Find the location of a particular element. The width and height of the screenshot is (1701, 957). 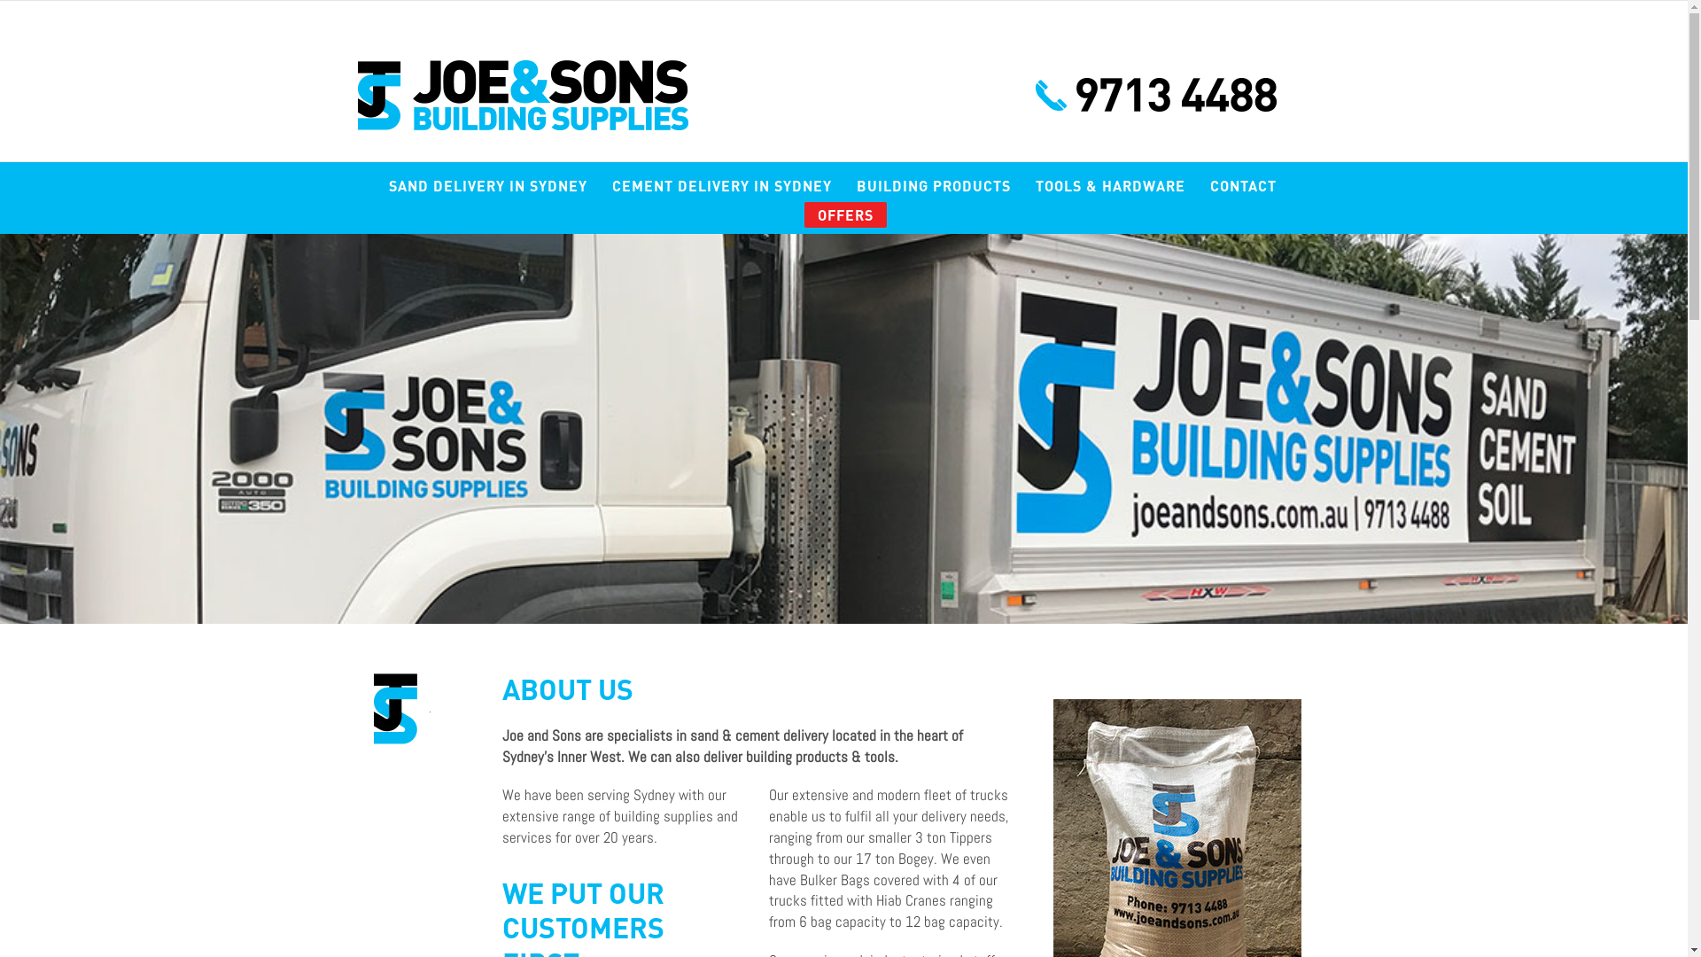

'TOOLS & HARDWARE' is located at coordinates (1109, 180).